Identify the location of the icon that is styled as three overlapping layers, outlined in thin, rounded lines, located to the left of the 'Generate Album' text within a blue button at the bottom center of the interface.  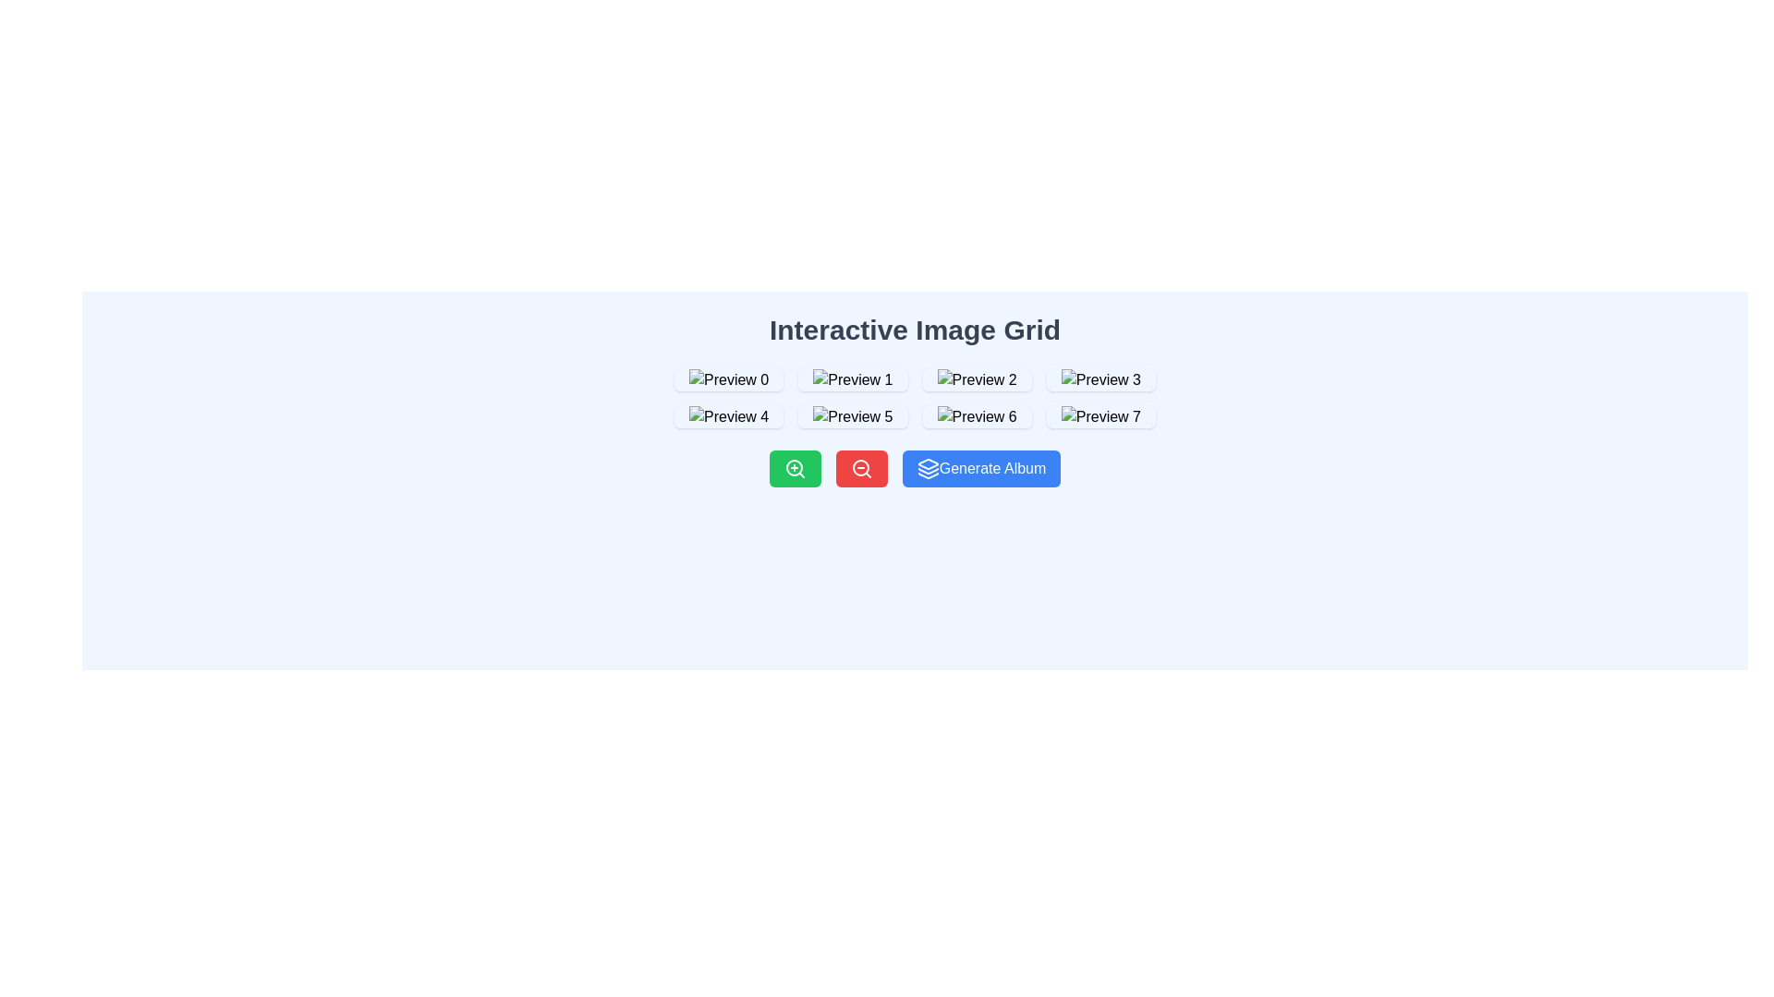
(928, 468).